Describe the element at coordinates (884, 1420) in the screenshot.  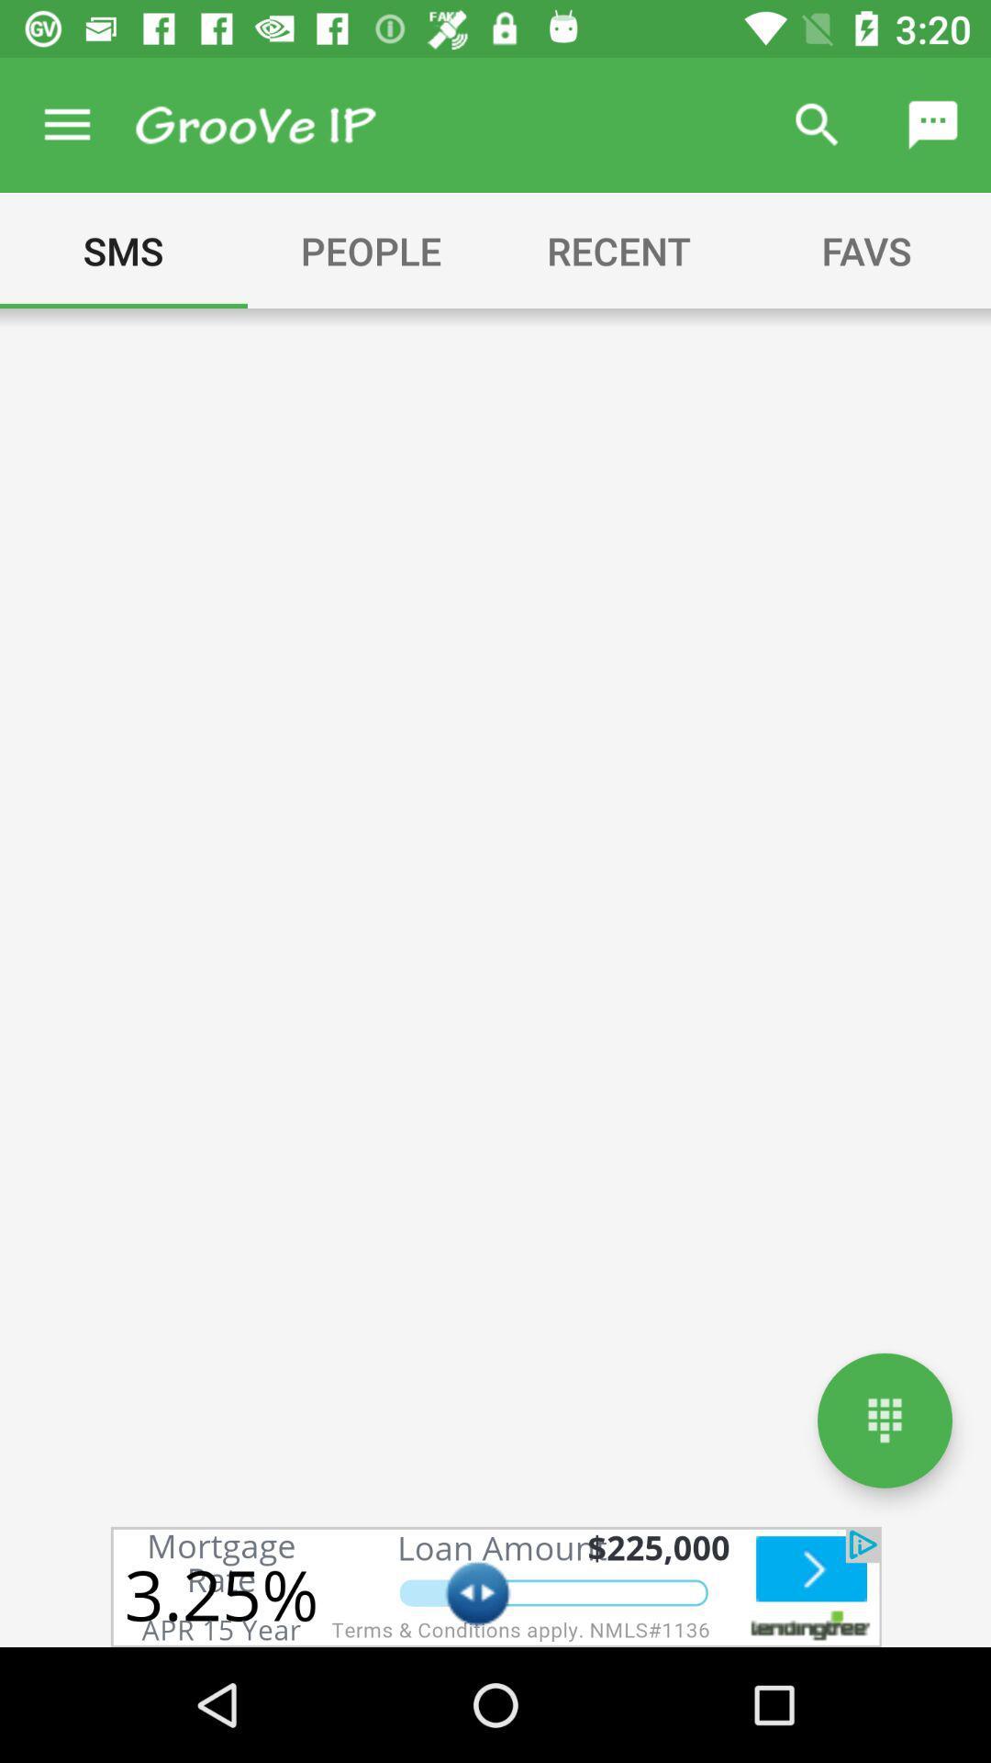
I see `keypad` at that location.